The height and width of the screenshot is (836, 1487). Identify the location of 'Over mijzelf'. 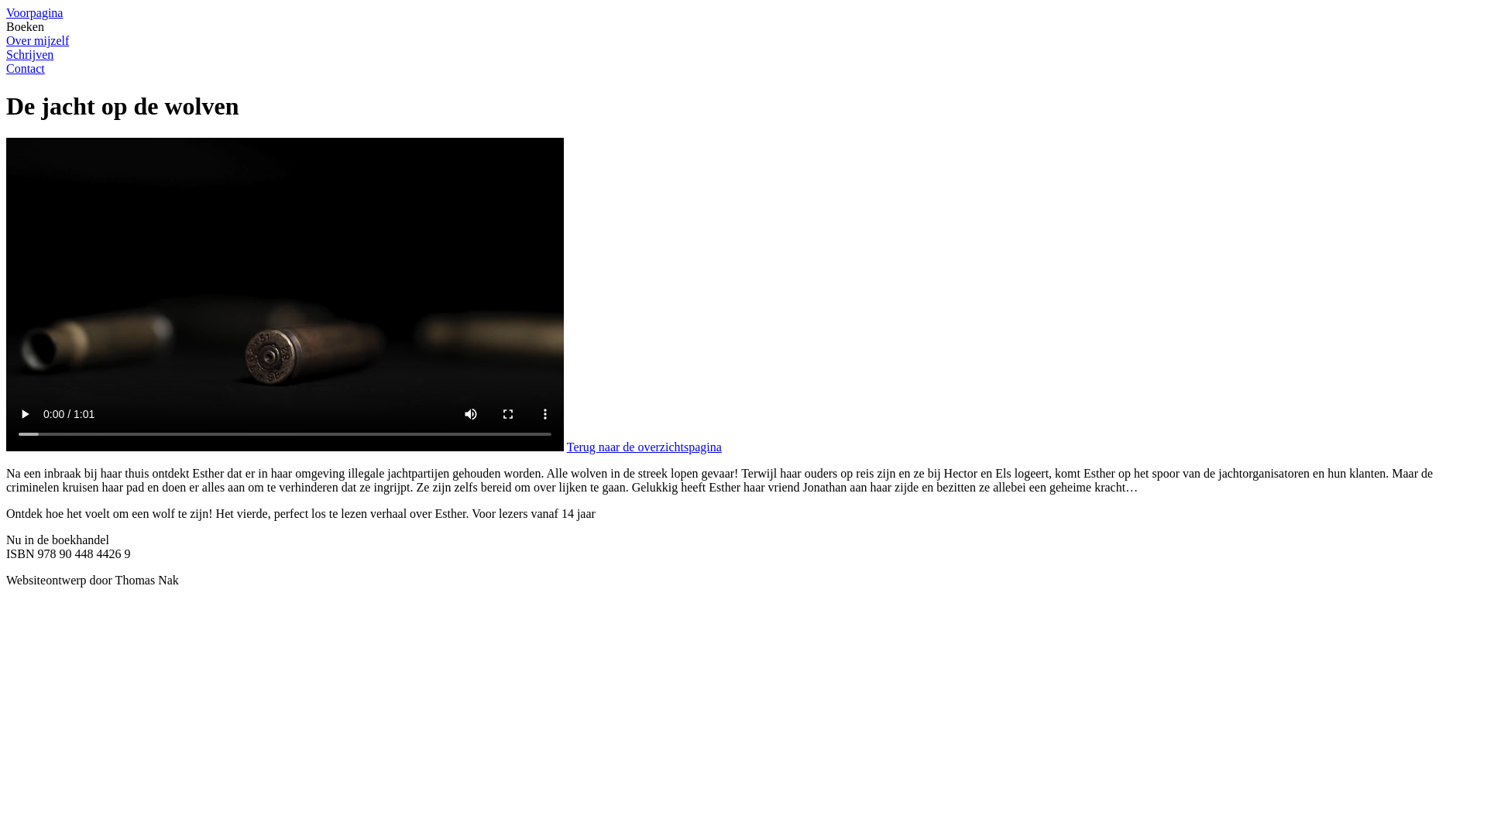
(6, 40).